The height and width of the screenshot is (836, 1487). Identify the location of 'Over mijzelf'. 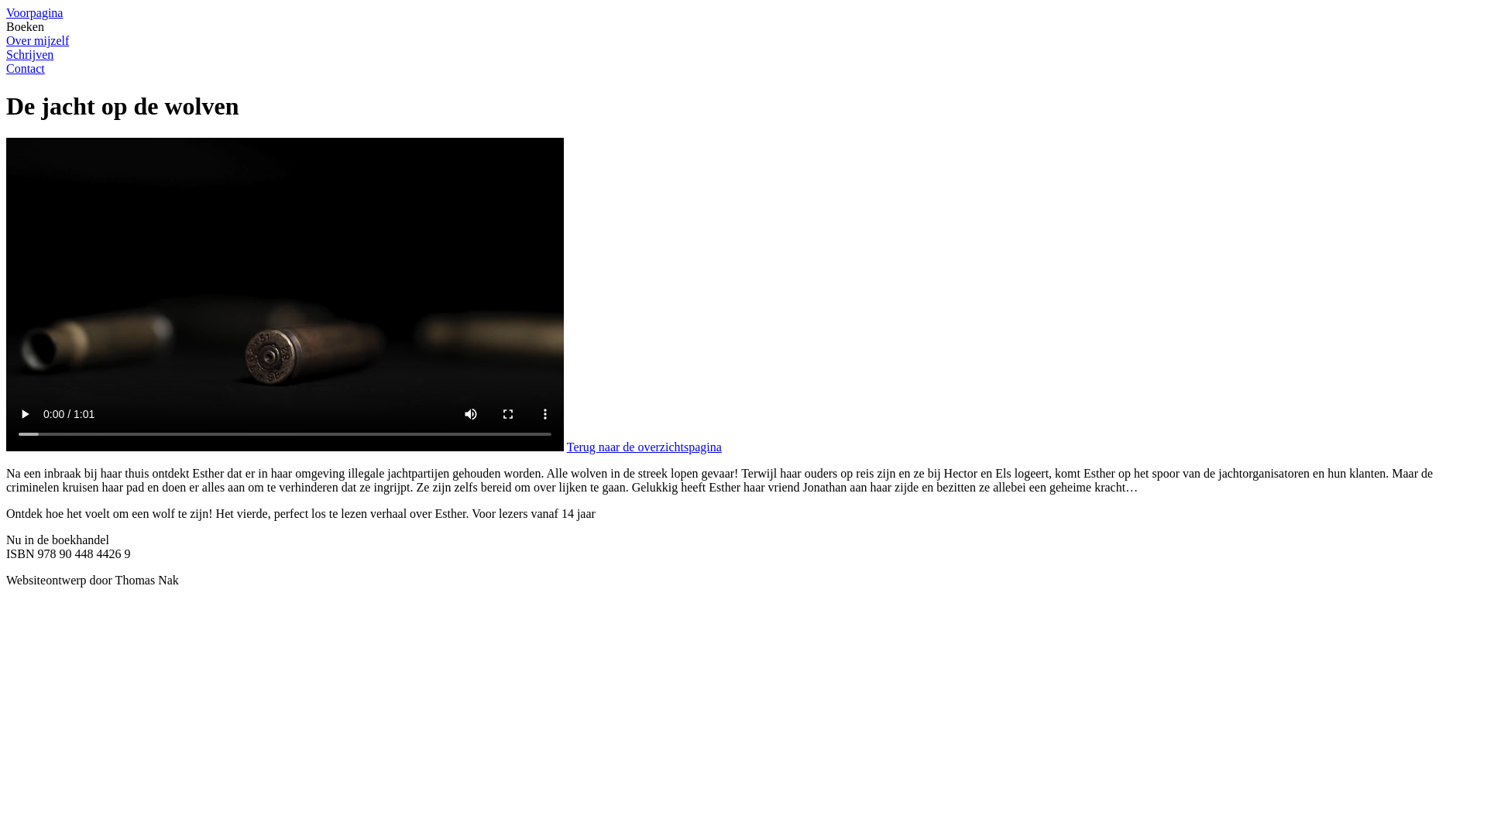
(6, 40).